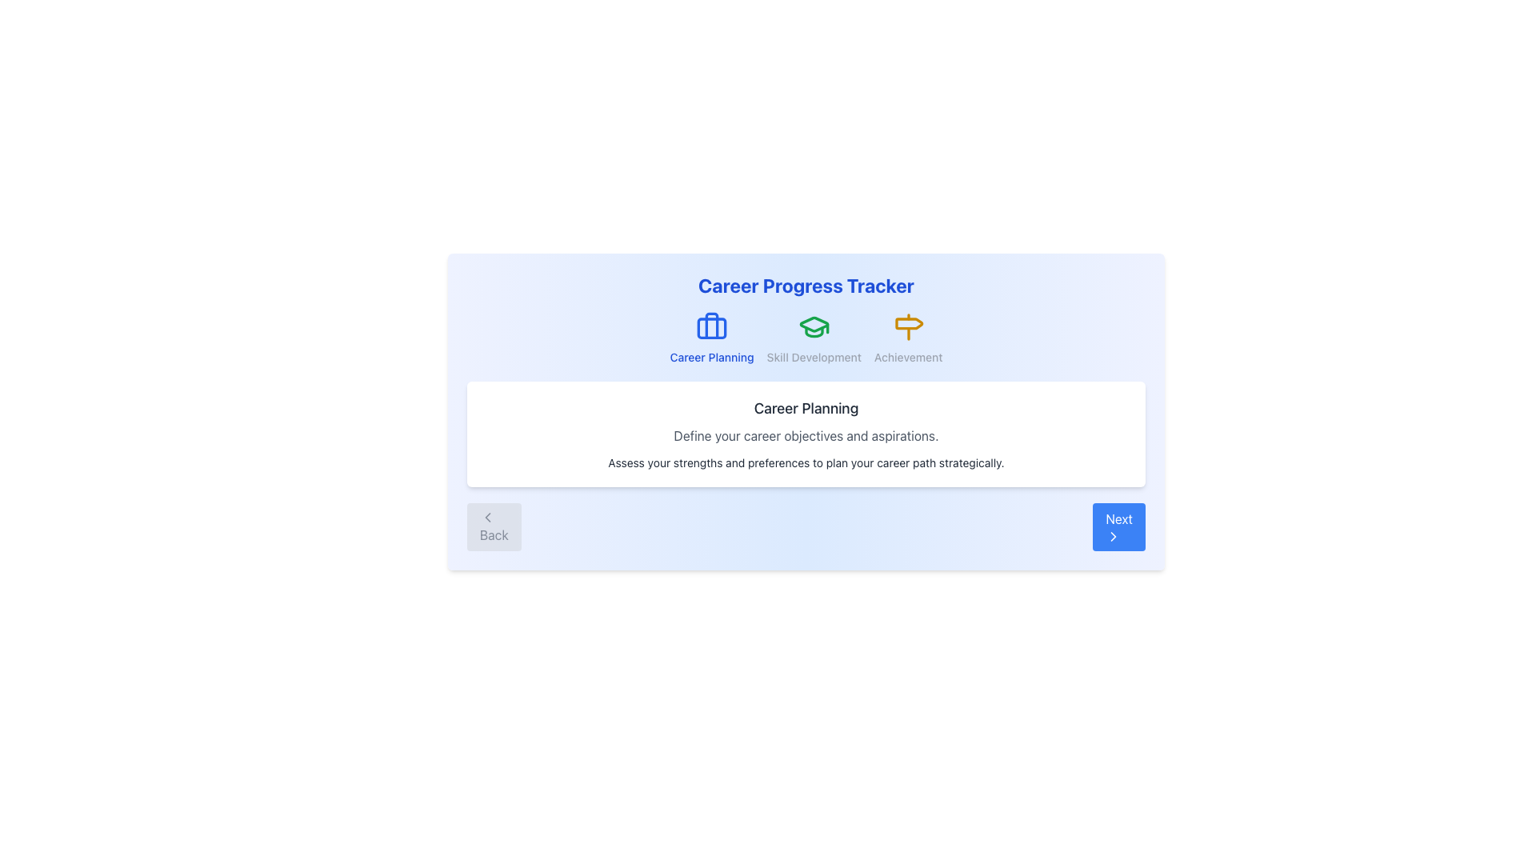  Describe the element at coordinates (710, 325) in the screenshot. I see `the 'Career Planning' navigation icon located in the header section, the first item from the left in the icon set` at that location.